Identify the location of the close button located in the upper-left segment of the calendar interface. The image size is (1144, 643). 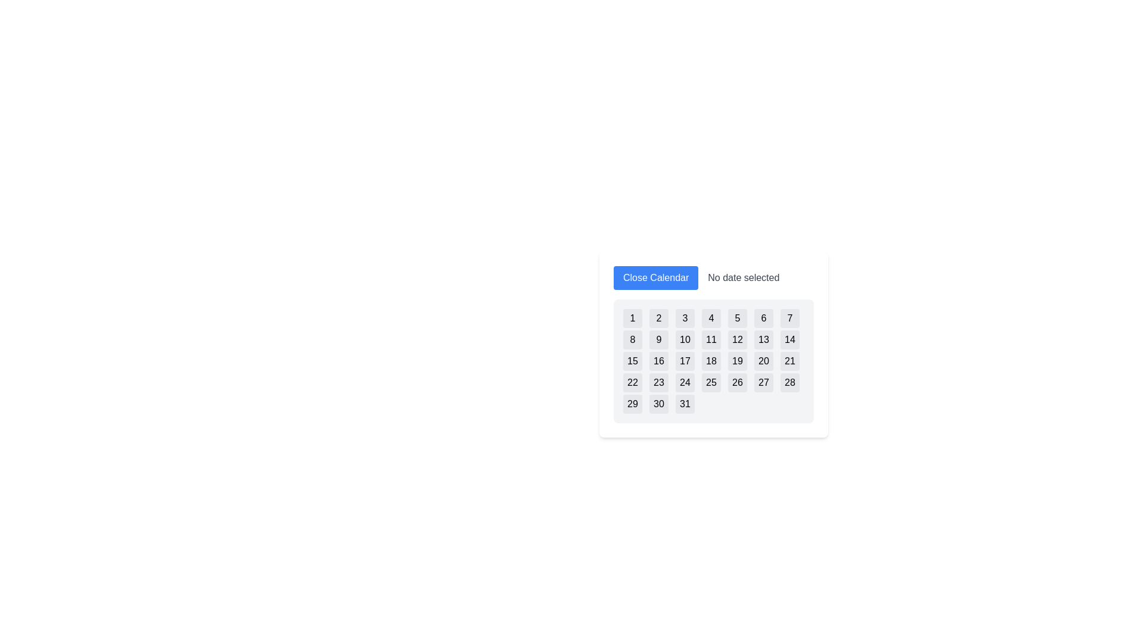
(655, 277).